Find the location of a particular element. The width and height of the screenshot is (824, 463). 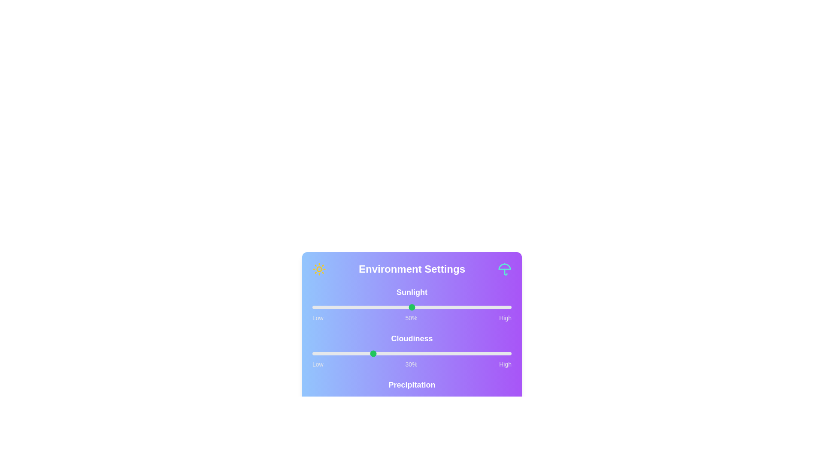

the sunlight slider to 29% is located at coordinates (370, 307).